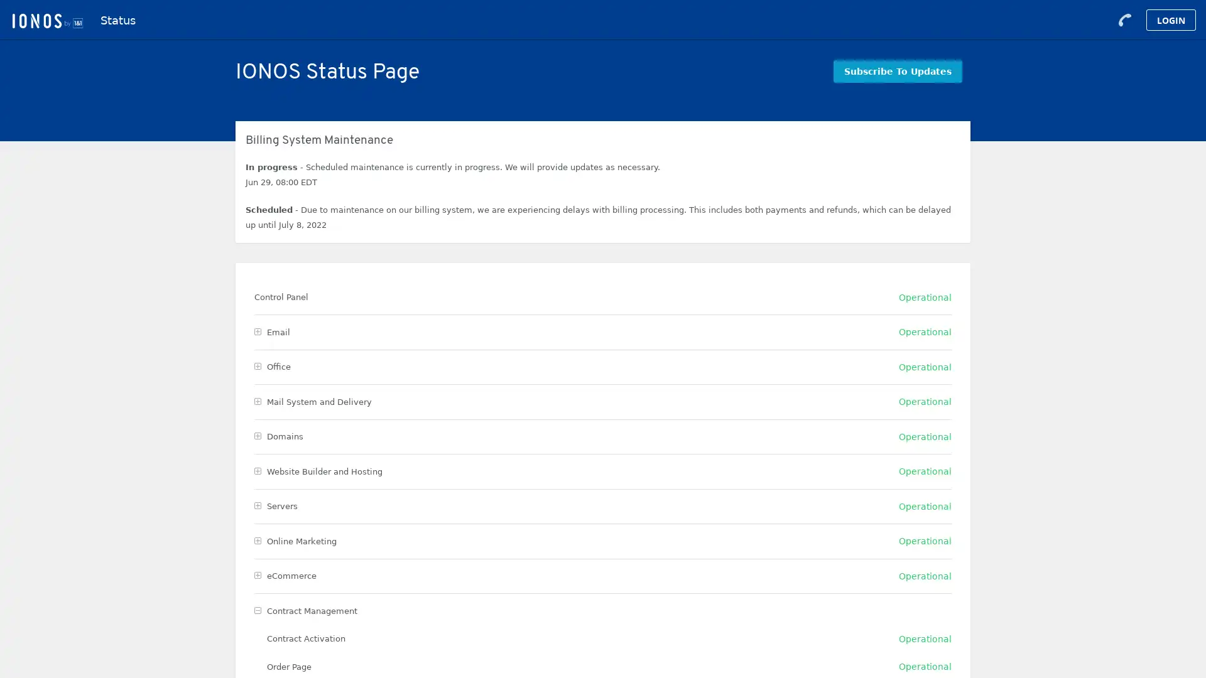  I want to click on Toggle eCommerce, so click(257, 576).